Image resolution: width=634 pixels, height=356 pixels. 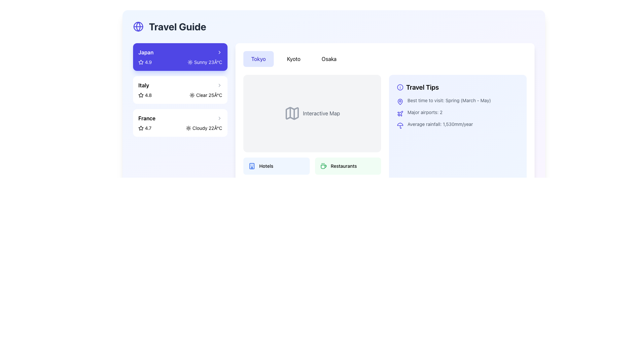 What do you see at coordinates (385, 135) in the screenshot?
I see `the Information Display Panel located at the top-right position of the layout to interact with potential tooltips or highlights` at bounding box center [385, 135].